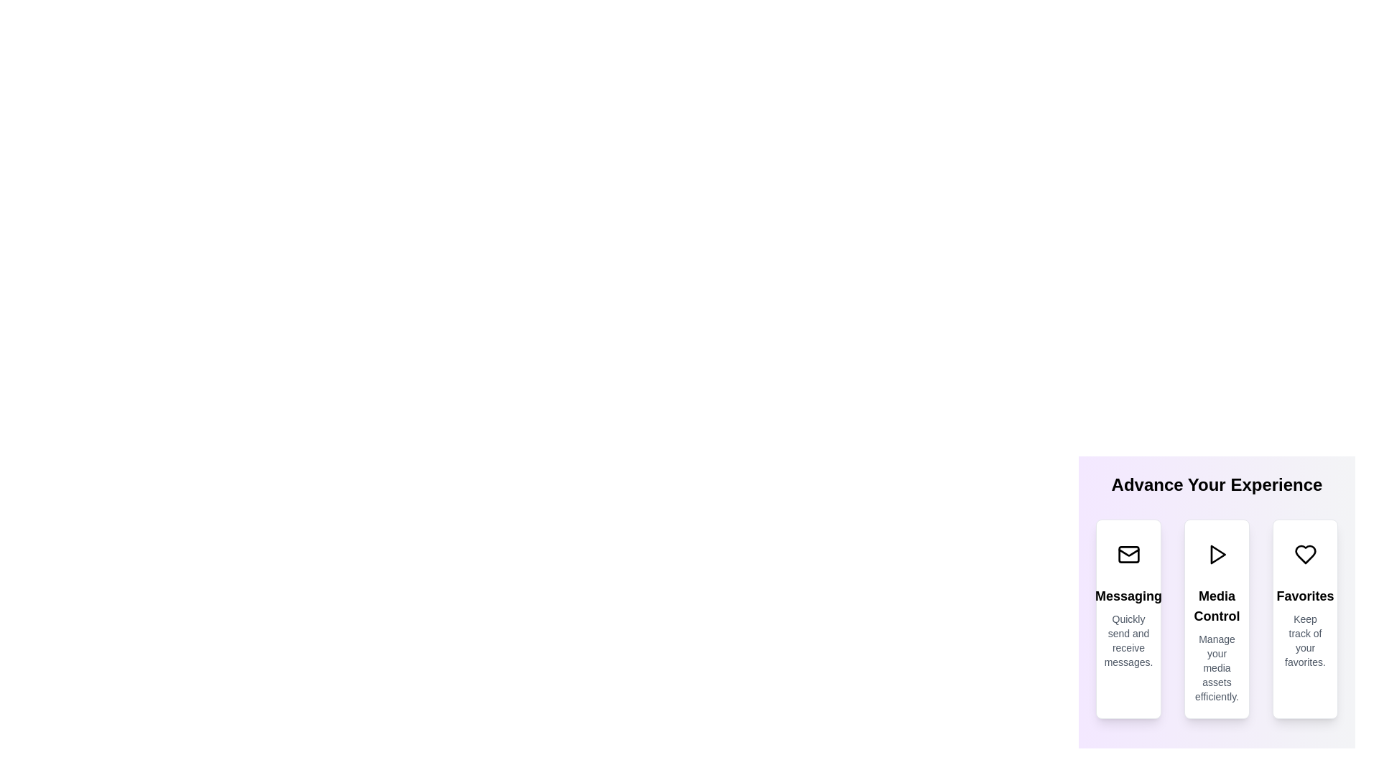  Describe the element at coordinates (1128, 553) in the screenshot. I see `the messaging icon located in the icon group under the 'Messaging' label on the left side of the interface, which is the first among three similar icons` at that location.